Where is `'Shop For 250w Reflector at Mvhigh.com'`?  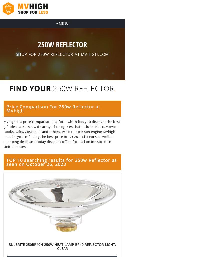 'Shop For 250w Reflector at Mvhigh.com' is located at coordinates (15, 54).